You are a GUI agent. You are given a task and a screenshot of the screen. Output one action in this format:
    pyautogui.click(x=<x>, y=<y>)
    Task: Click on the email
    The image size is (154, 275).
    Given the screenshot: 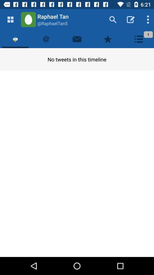 What is the action you would take?
    pyautogui.click(x=77, y=39)
    